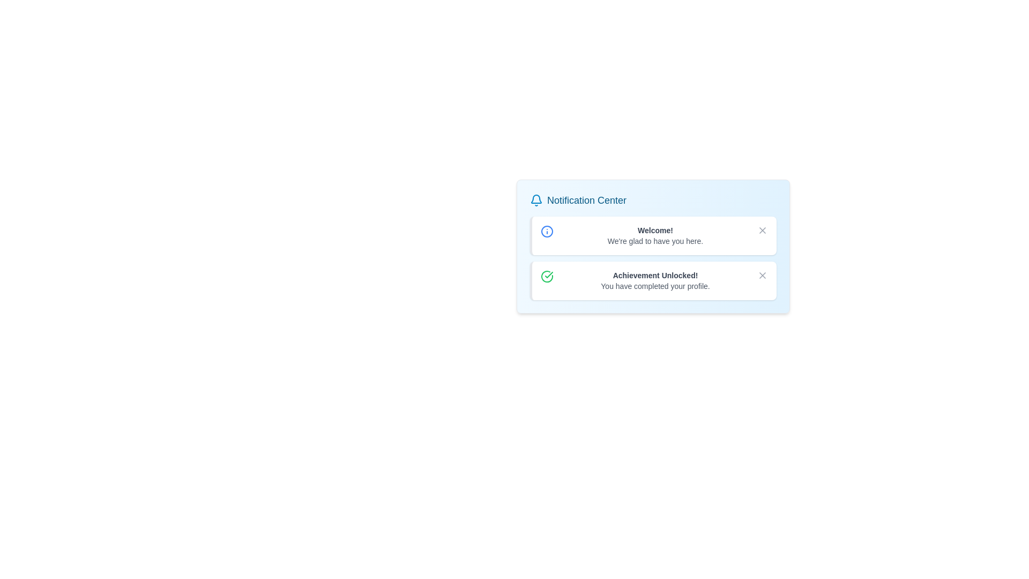 The height and width of the screenshot is (579, 1029). I want to click on the close button represented by a diagonal cross icon in the top-right corner of the first notification card, so click(762, 229).